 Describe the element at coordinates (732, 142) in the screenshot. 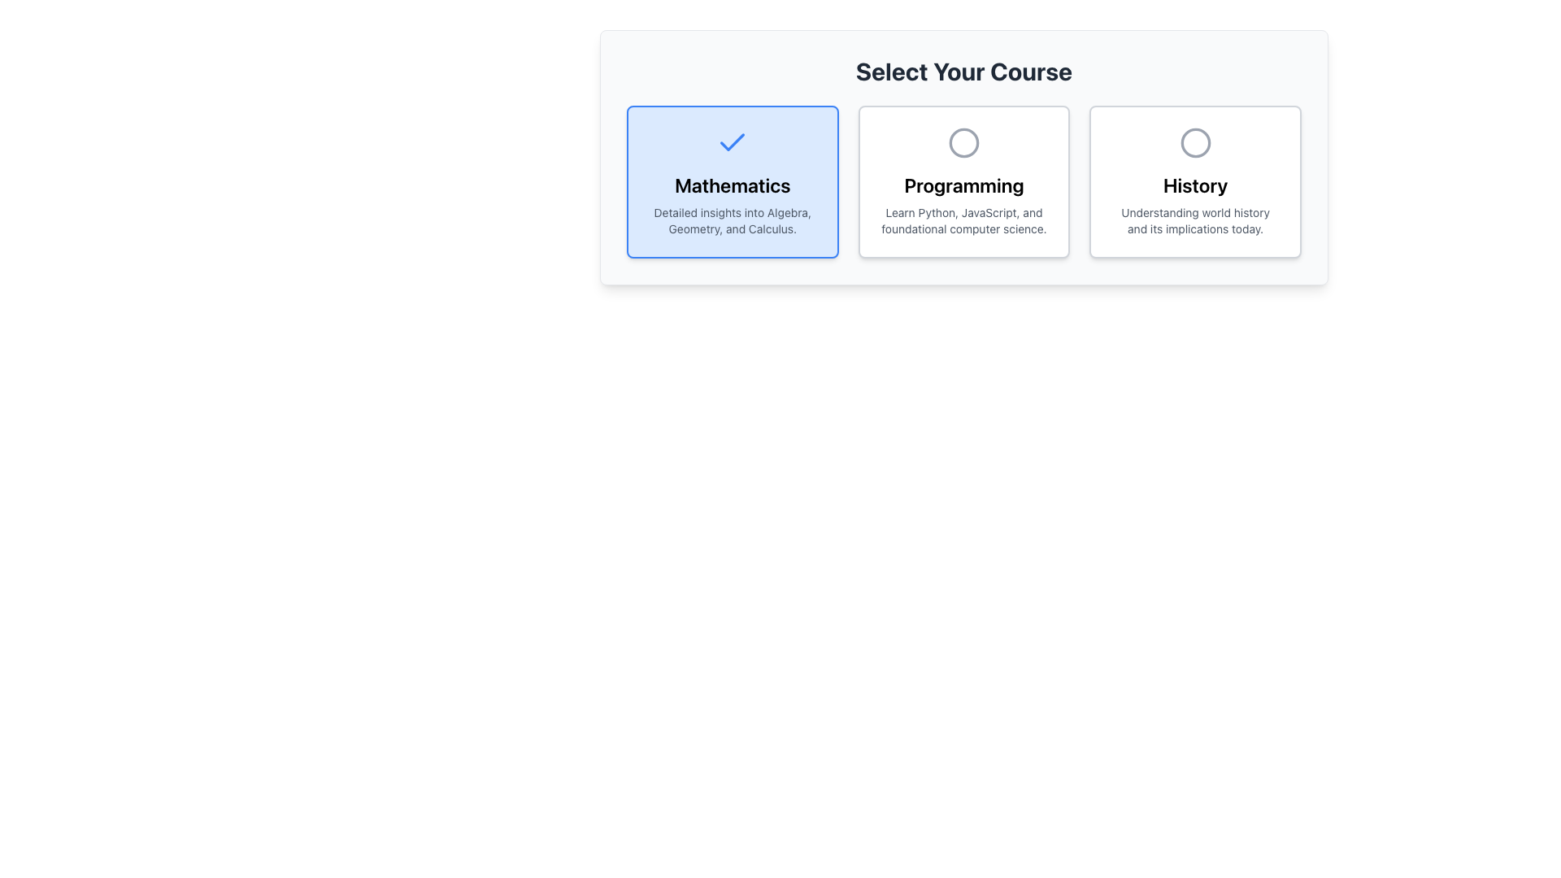

I see `the selection state of the central check mark icon within the blue-bordered box labeled 'Mathematics' in the selection panel` at that location.